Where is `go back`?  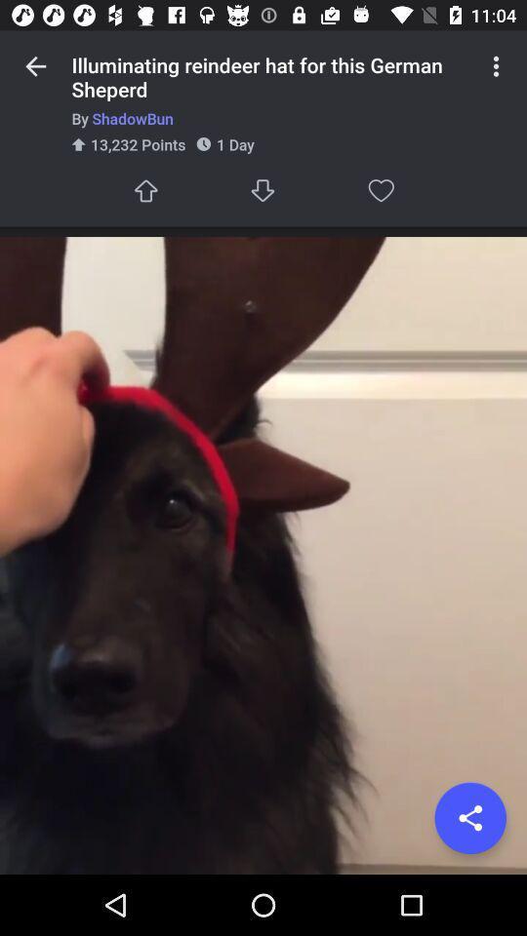 go back is located at coordinates (35, 66).